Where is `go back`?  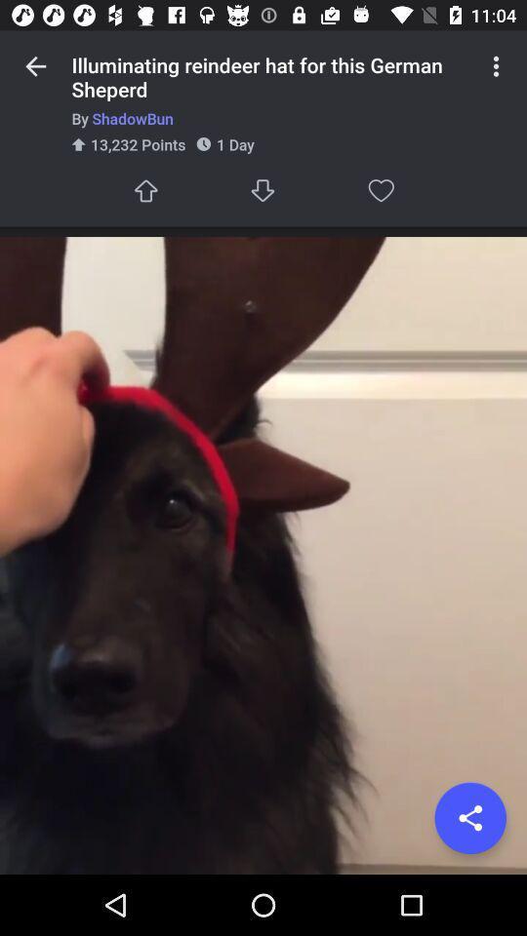 go back is located at coordinates (35, 66).